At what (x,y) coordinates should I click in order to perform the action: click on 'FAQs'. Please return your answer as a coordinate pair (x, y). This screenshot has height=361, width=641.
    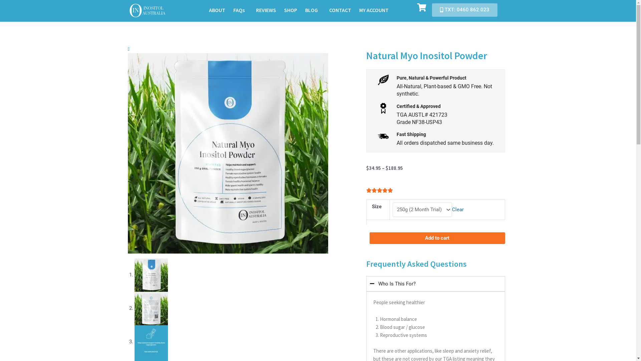
    Looking at the image, I should click on (240, 10).